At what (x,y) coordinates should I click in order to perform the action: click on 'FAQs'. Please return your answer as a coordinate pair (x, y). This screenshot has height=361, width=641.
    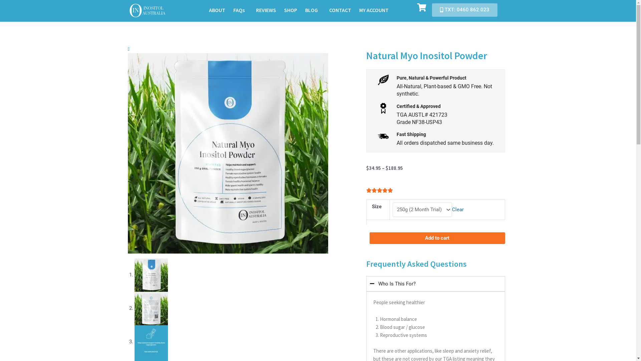
    Looking at the image, I should click on (240, 10).